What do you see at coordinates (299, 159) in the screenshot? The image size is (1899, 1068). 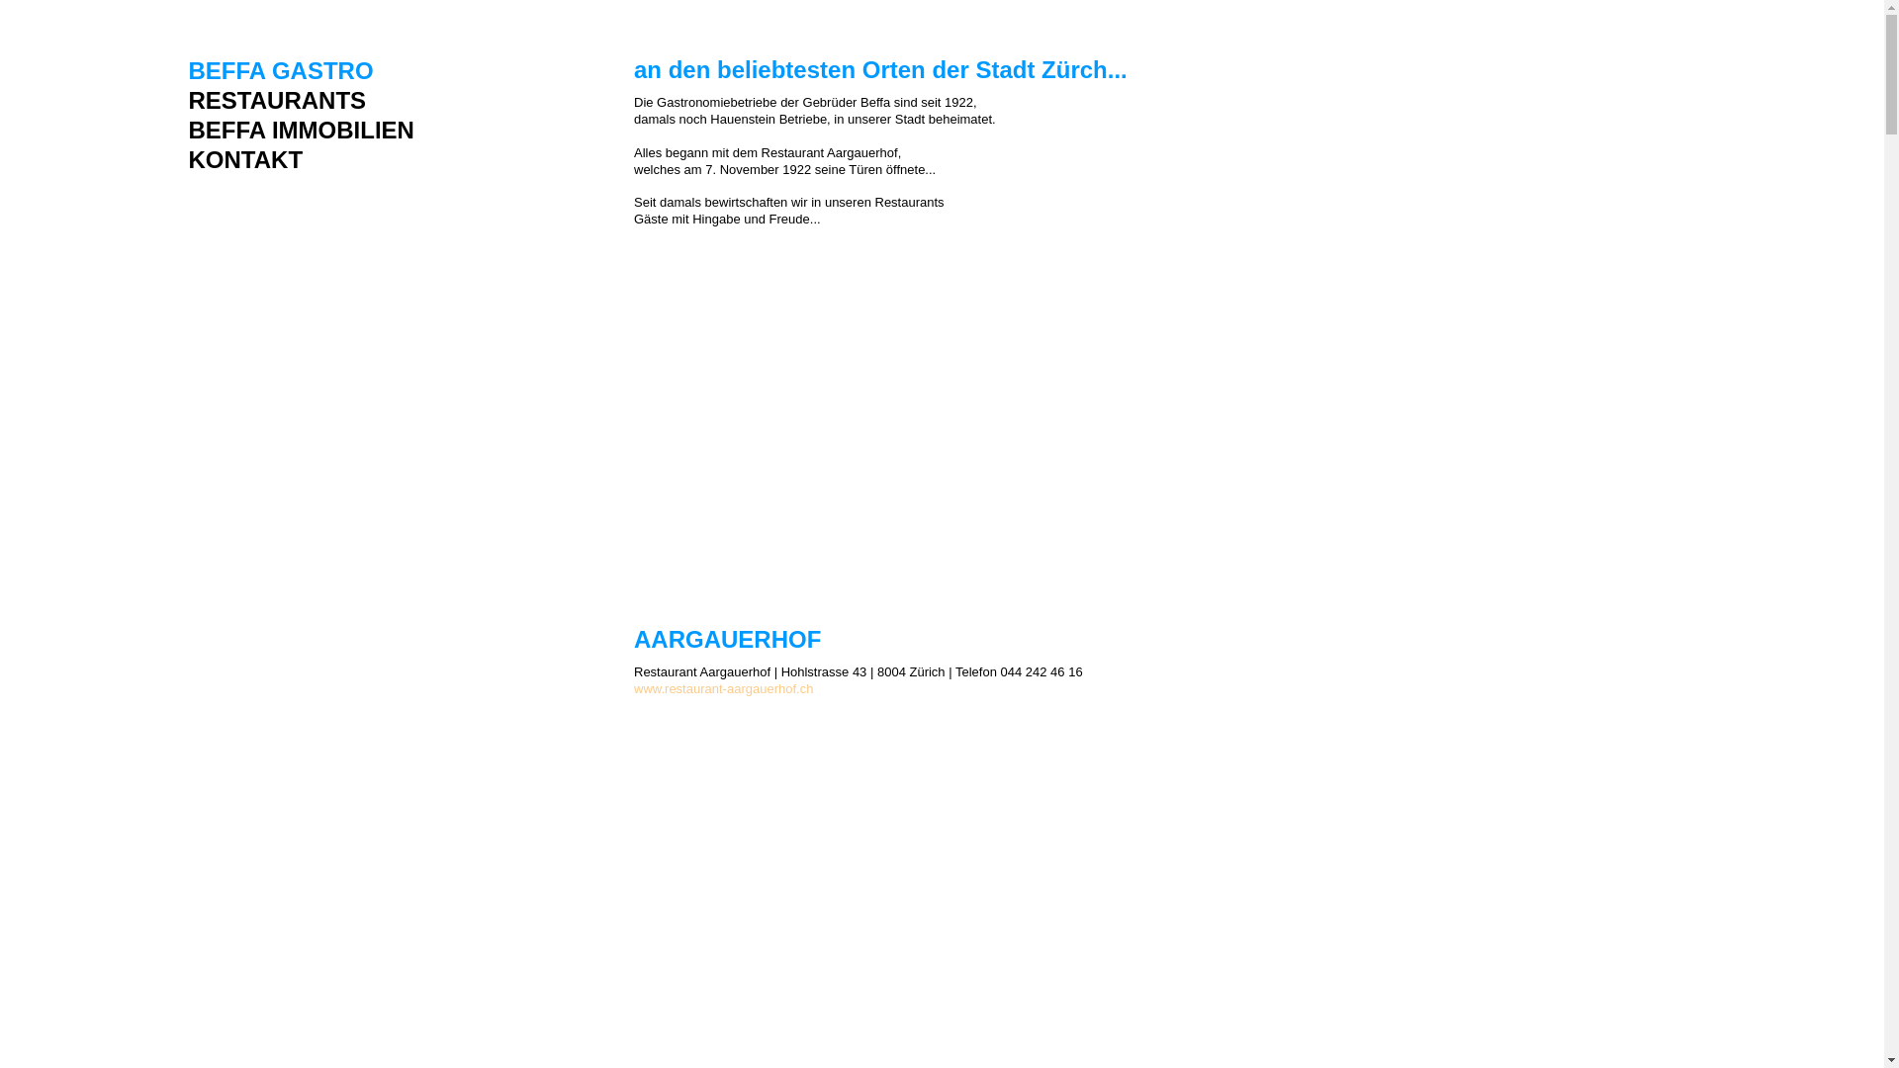 I see `'KONTAKT'` at bounding box center [299, 159].